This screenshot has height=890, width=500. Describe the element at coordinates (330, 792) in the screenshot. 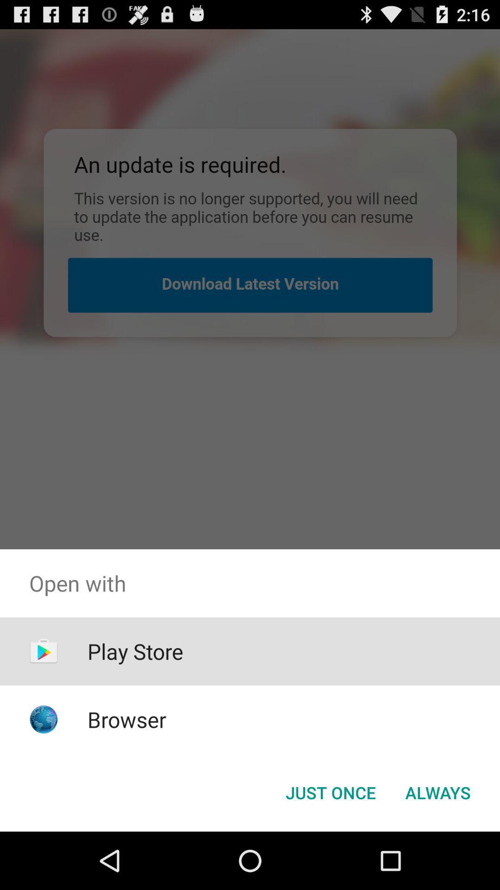

I see `just once icon` at that location.